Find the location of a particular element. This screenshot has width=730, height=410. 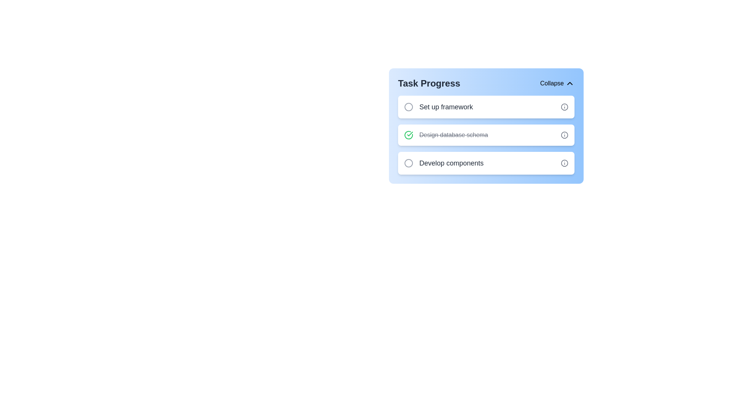

the info icon next to the task titled 'Set up framework' is located at coordinates (564, 107).